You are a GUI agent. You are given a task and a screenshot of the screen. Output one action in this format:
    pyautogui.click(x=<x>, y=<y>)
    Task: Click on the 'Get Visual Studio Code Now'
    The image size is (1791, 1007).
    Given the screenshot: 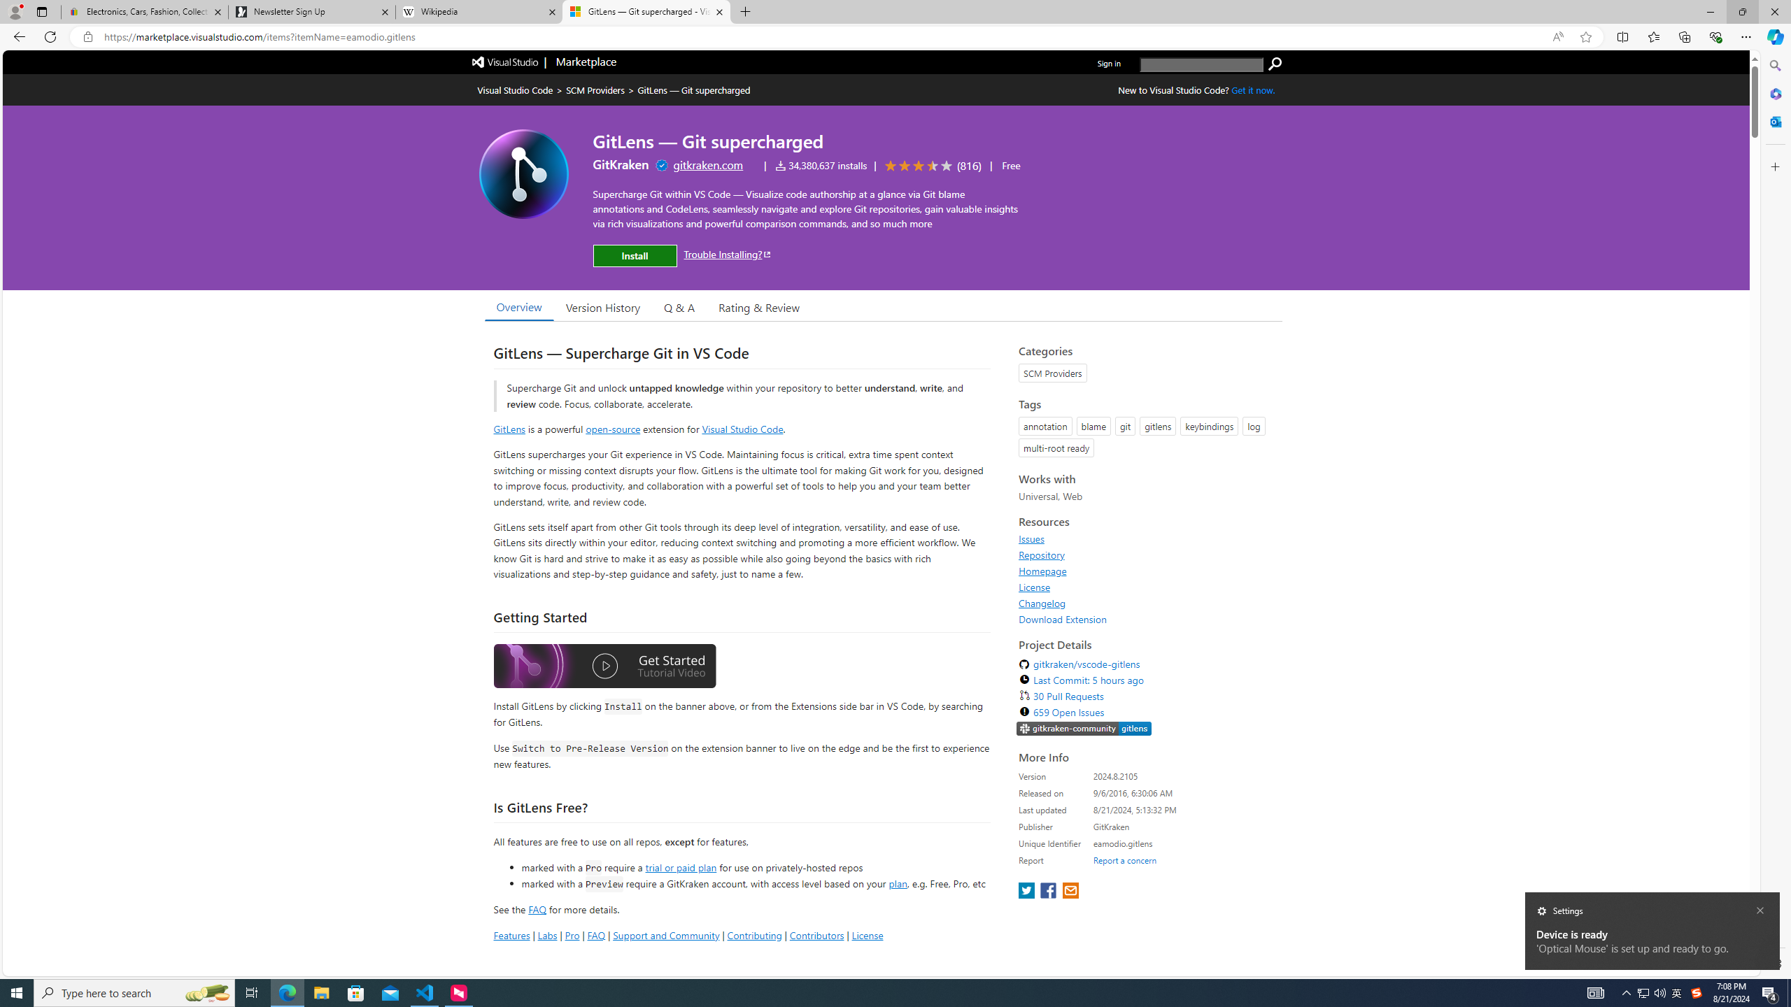 What is the action you would take?
    pyautogui.click(x=1253, y=89)
    